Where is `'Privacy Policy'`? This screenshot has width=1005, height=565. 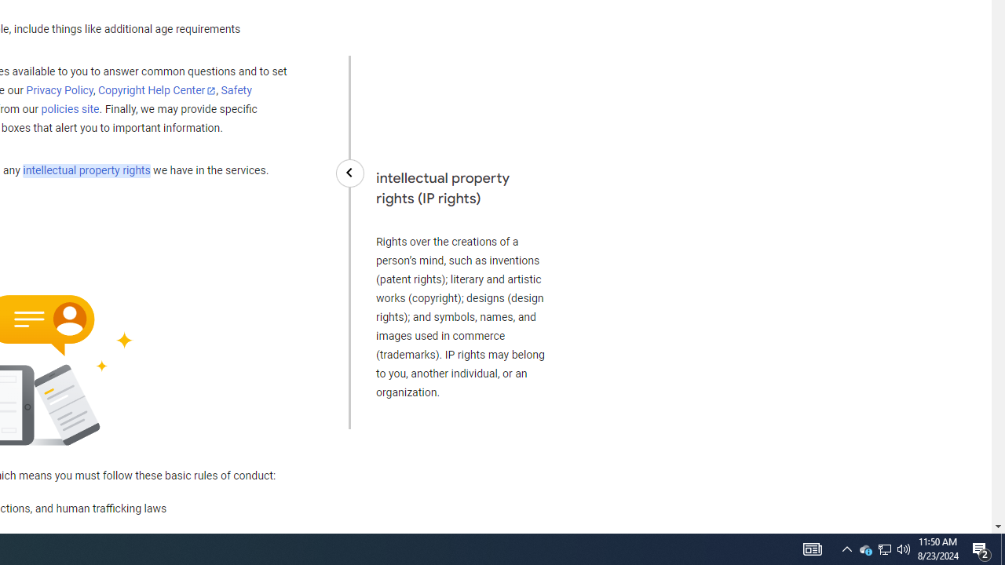
'Privacy Policy' is located at coordinates (60, 91).